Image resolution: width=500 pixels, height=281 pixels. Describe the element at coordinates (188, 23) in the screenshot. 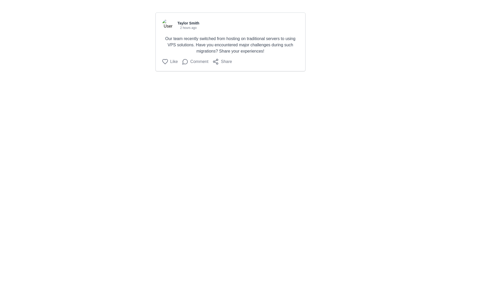

I see `the static text label reading 'Taylor Smith', which is a small, bold text snippet located in the upper-left corner of the content card` at that location.